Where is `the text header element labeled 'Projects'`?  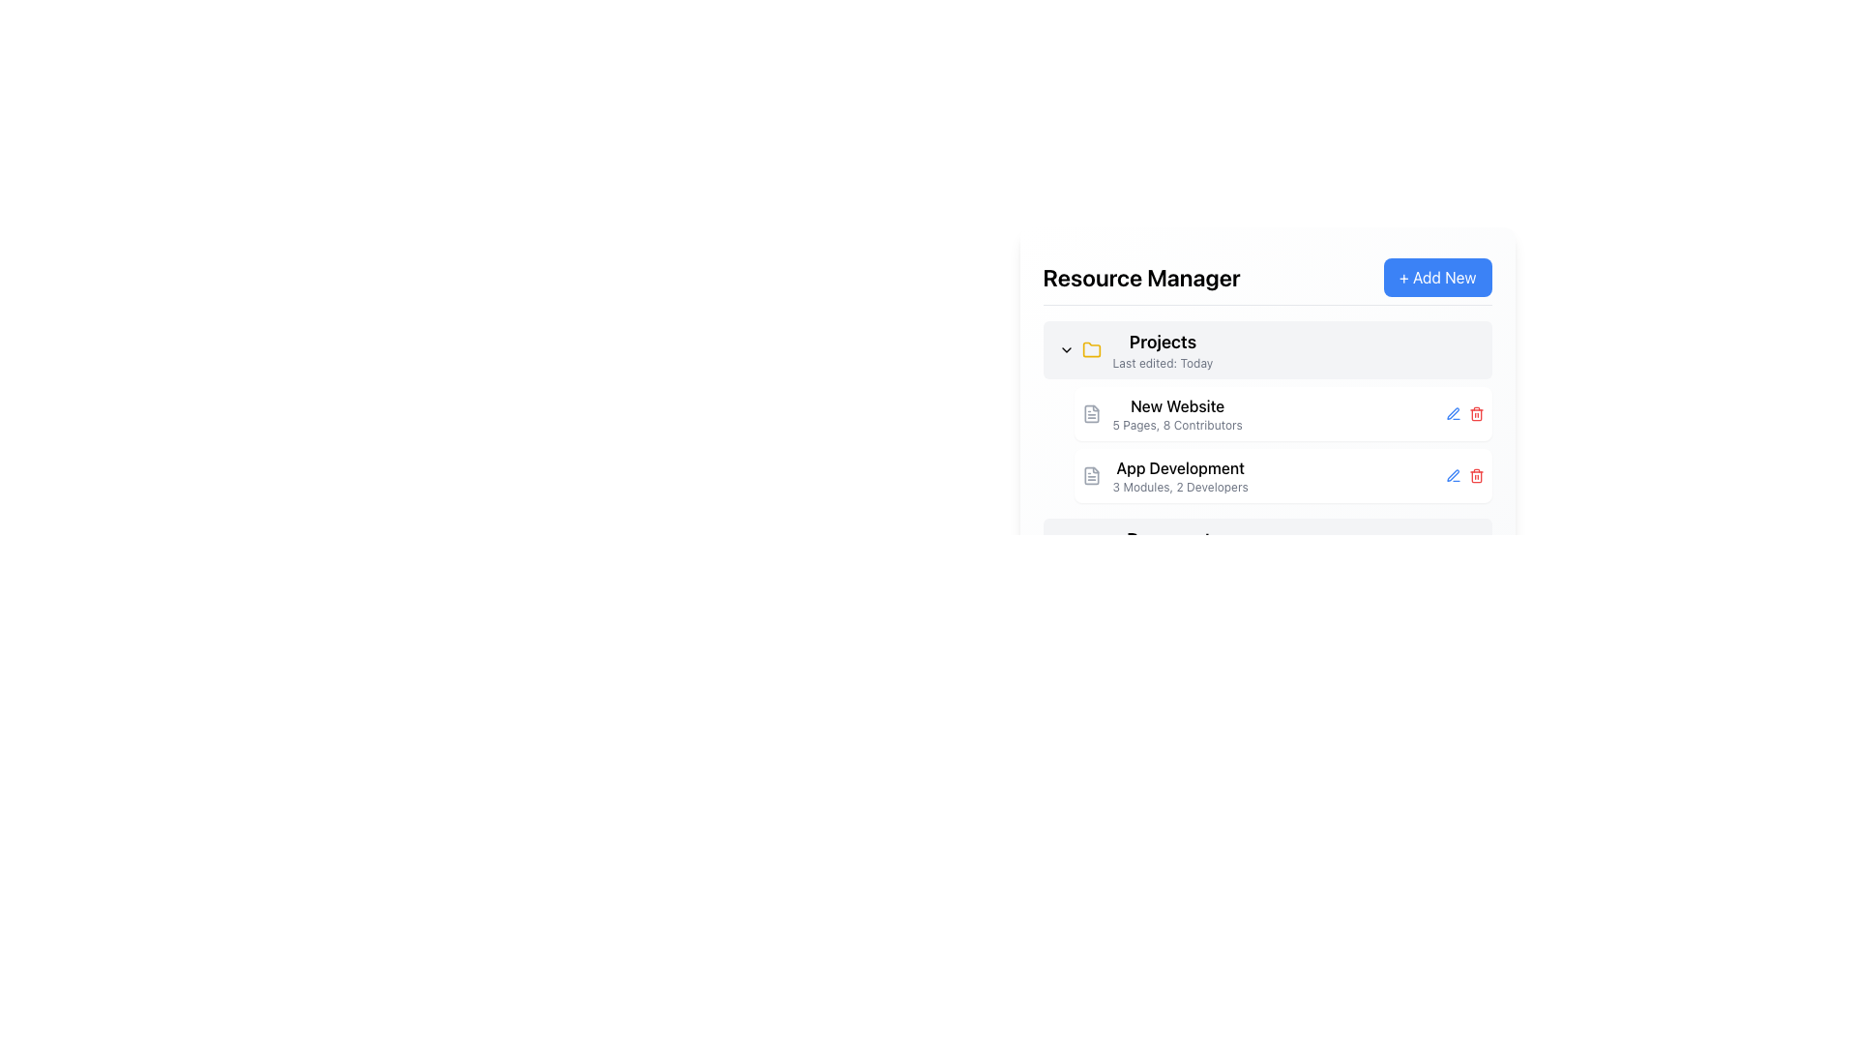
the text header element labeled 'Projects' is located at coordinates (1162, 350).